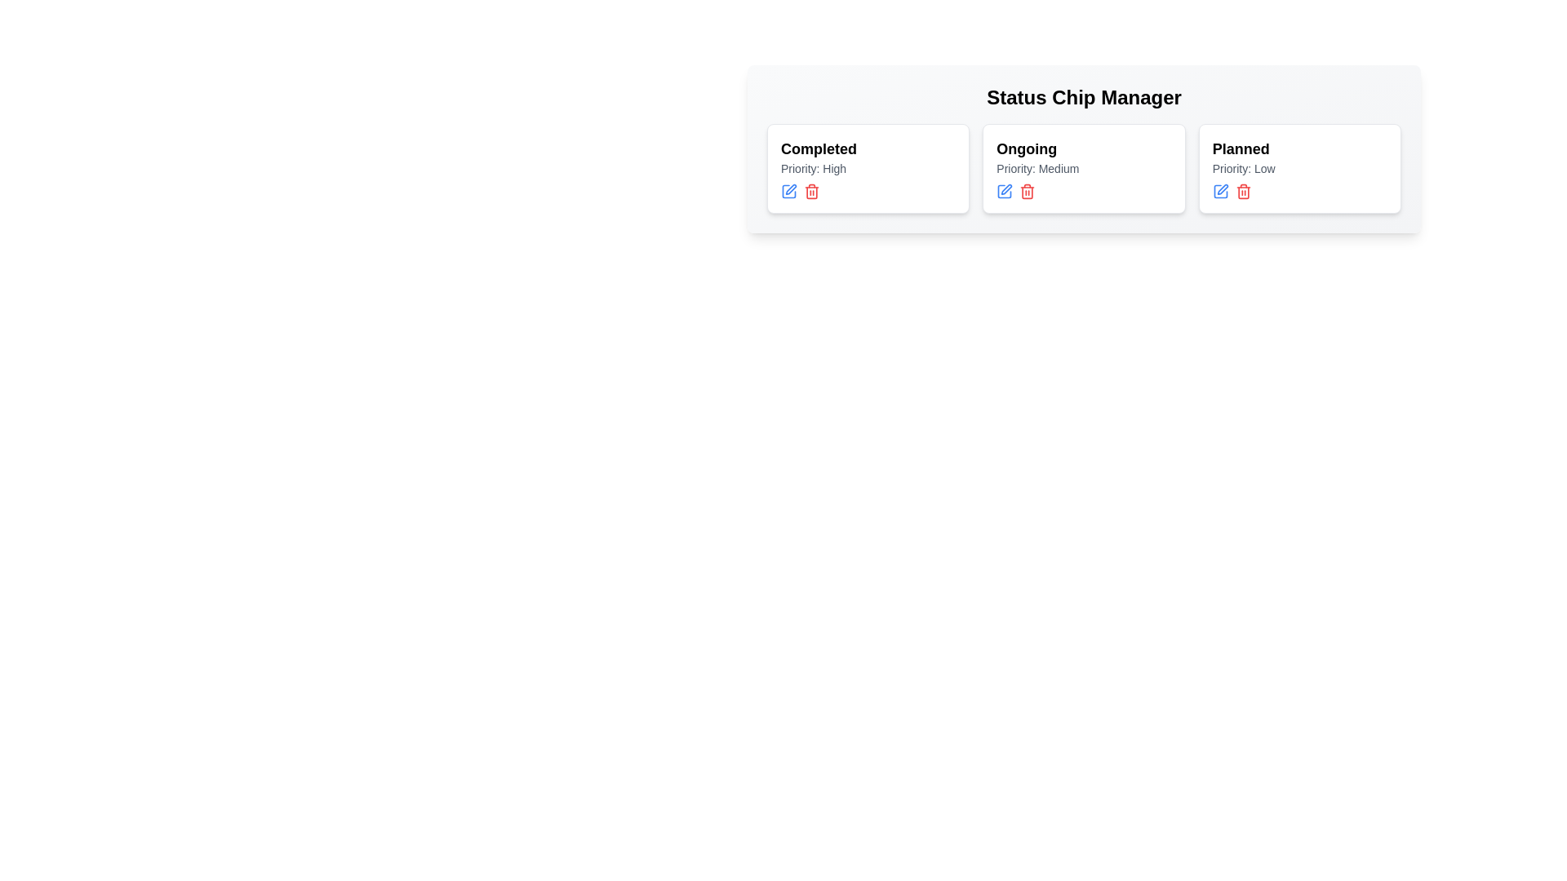  I want to click on the chip card labeled Planned to view its details, so click(1298, 169).